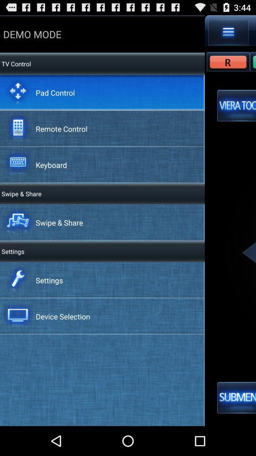 The width and height of the screenshot is (256, 456). Describe the element at coordinates (55, 92) in the screenshot. I see `the pad control app` at that location.